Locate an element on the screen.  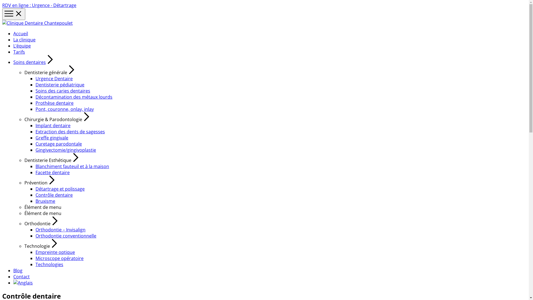
'Contact' is located at coordinates (21, 276).